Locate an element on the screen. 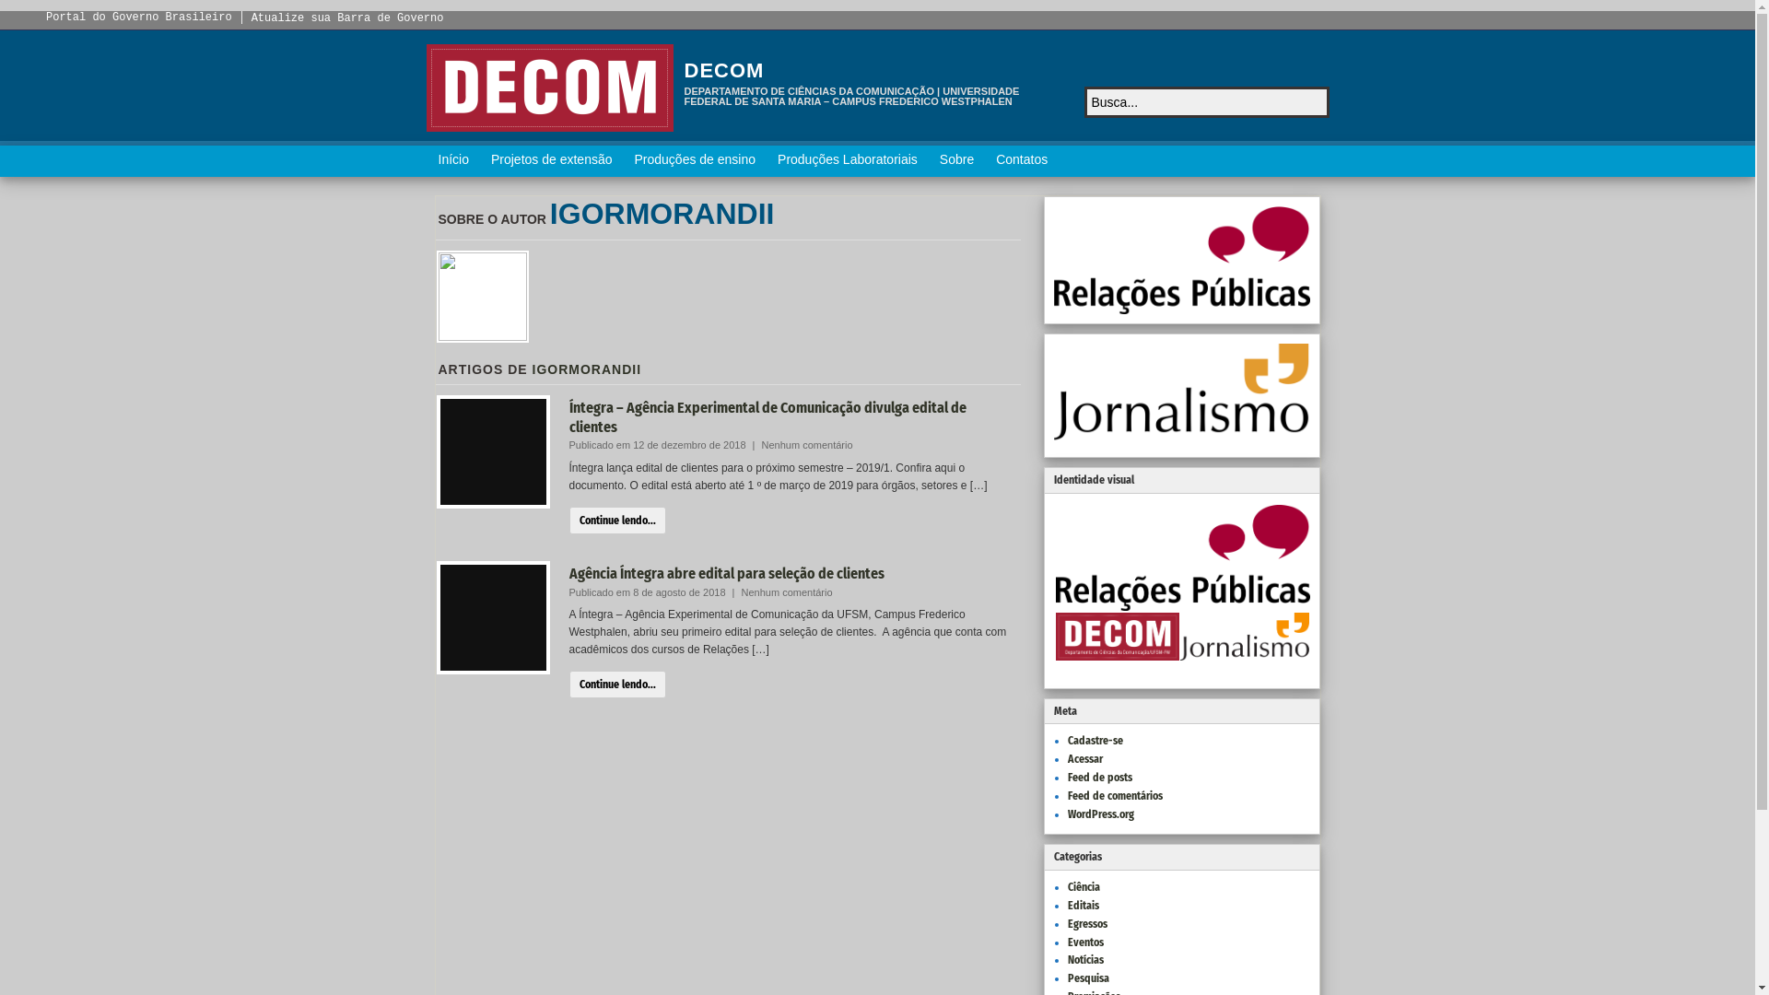  'Cadastre-se' is located at coordinates (1066, 739).